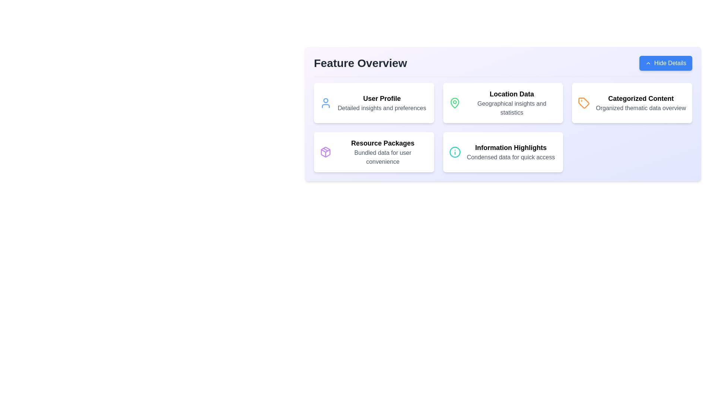 This screenshot has height=402, width=715. I want to click on the circular information icon with a teal outline and 'i' symbol, located in the 'Information Highlights' card, so click(454, 151).